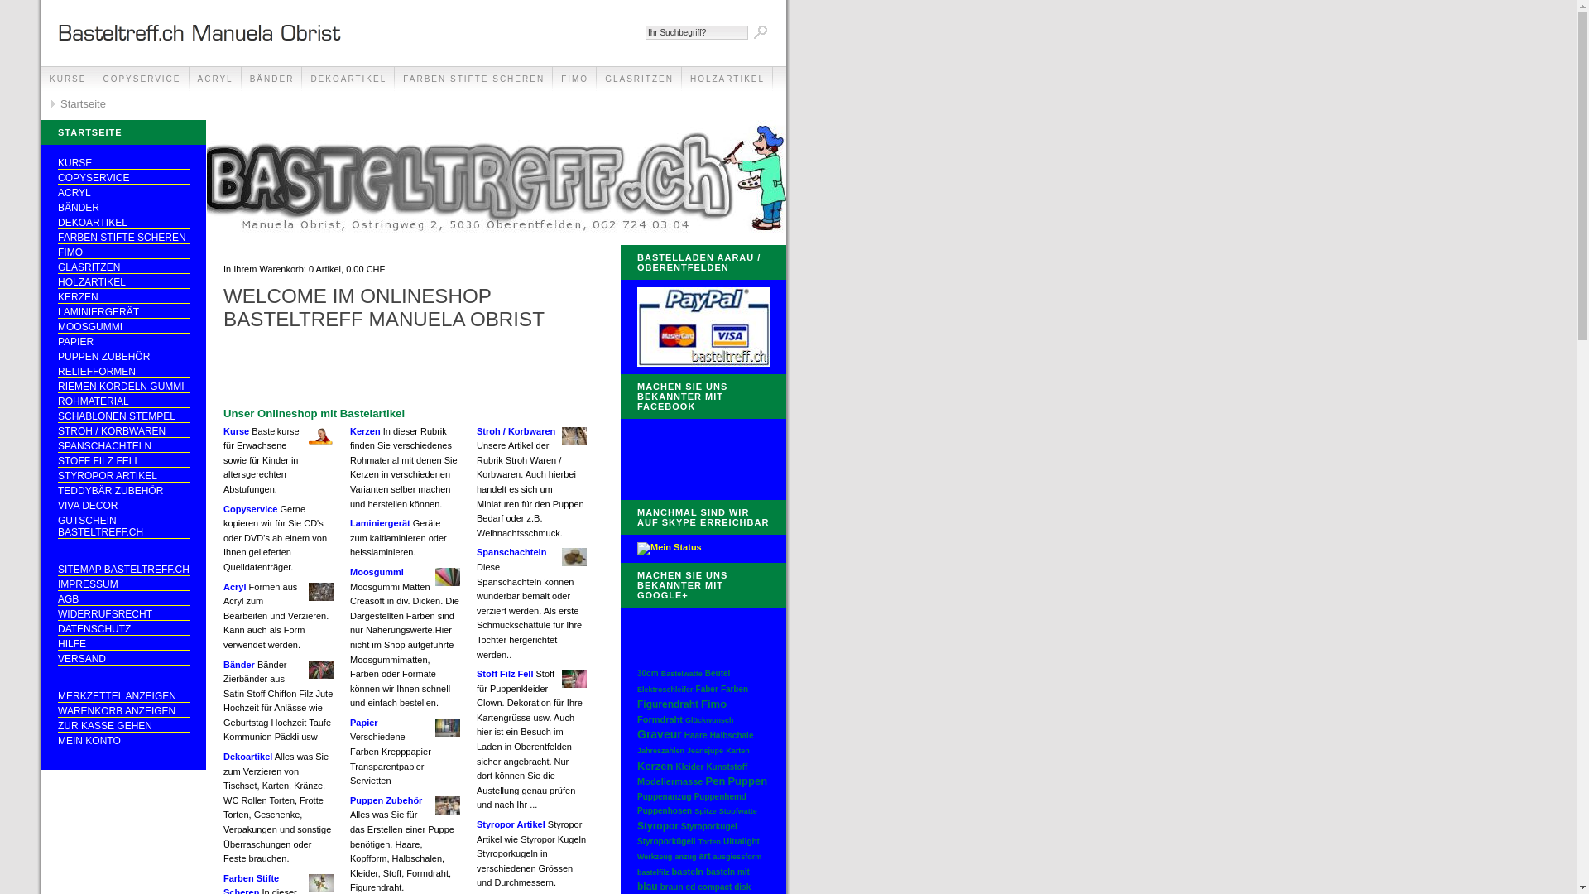 This screenshot has width=1589, height=894. Describe the element at coordinates (58, 387) in the screenshot. I see `'RIEMEN KORDELN GUMMI'` at that location.